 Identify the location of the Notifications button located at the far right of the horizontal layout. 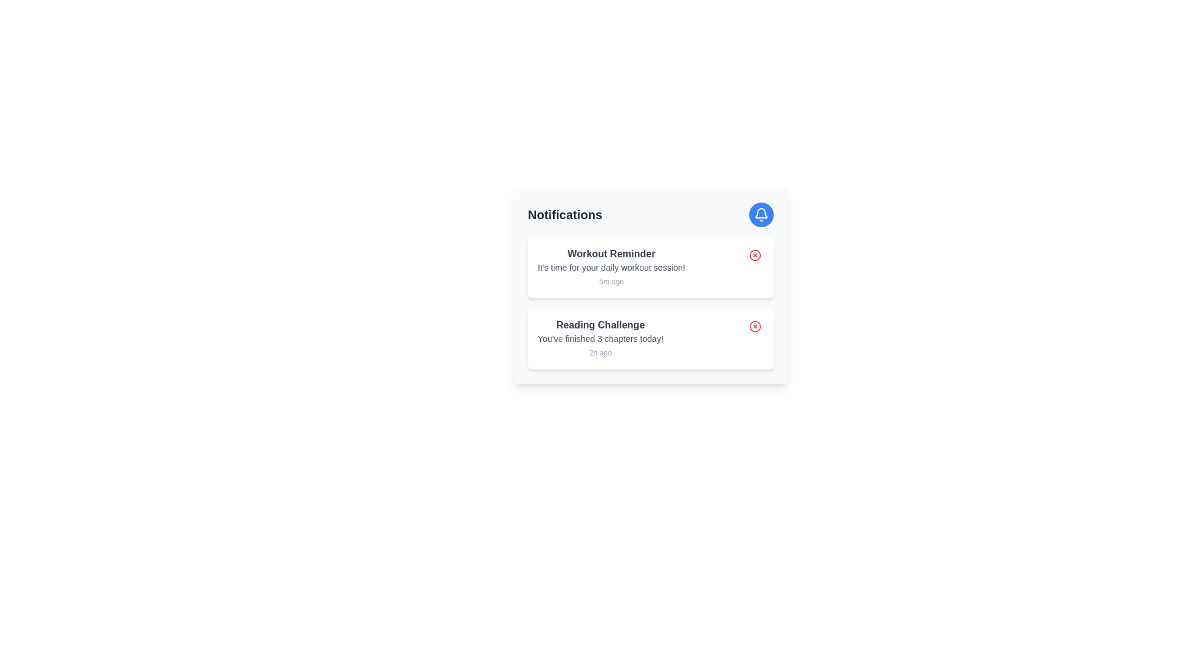
(760, 214).